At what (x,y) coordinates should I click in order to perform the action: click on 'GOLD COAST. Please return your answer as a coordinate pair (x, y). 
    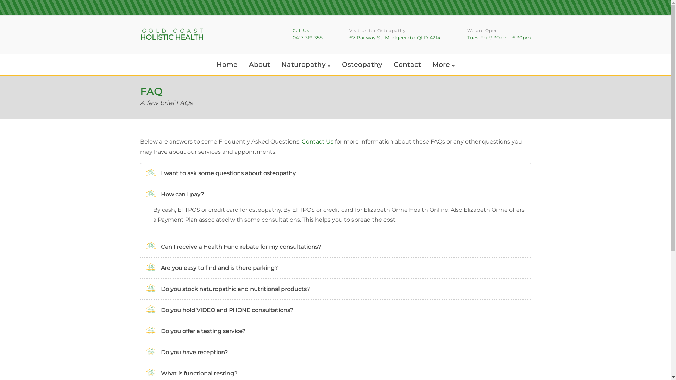
    Looking at the image, I should click on (206, 34).